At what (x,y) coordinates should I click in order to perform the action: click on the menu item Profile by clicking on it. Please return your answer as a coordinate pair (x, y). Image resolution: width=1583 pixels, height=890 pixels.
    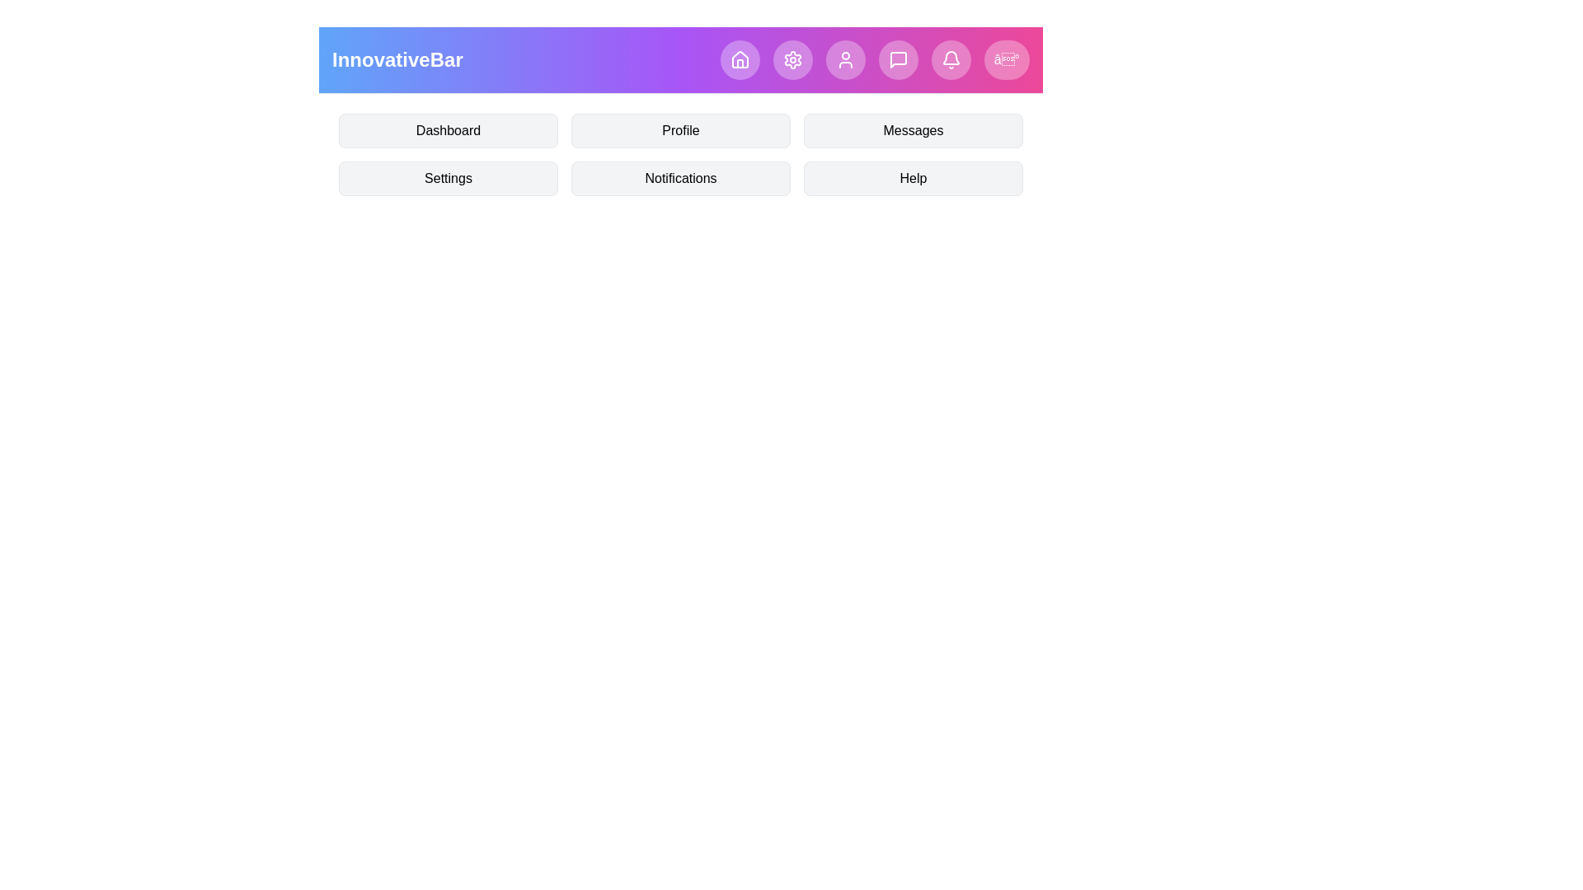
    Looking at the image, I should click on (680, 129).